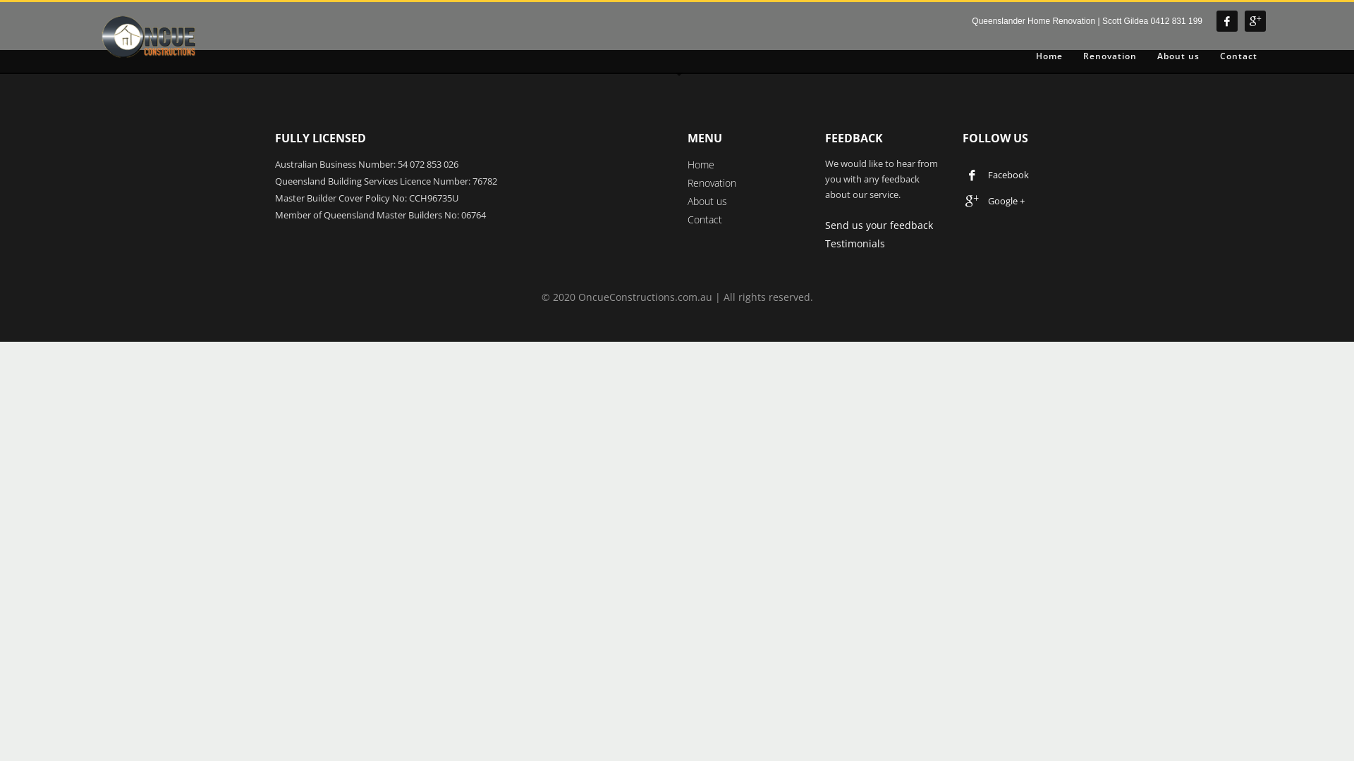  I want to click on 'Home', so click(700, 163).